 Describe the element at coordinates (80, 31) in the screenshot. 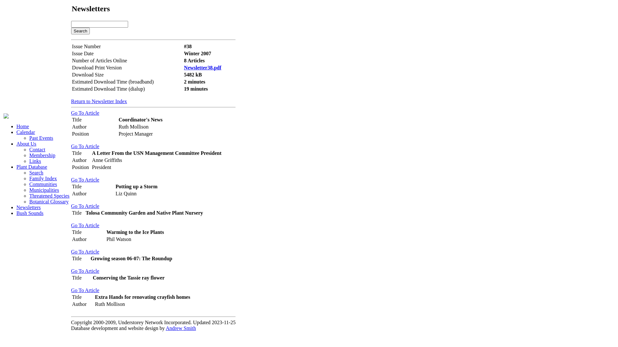

I see `'Search'` at that location.